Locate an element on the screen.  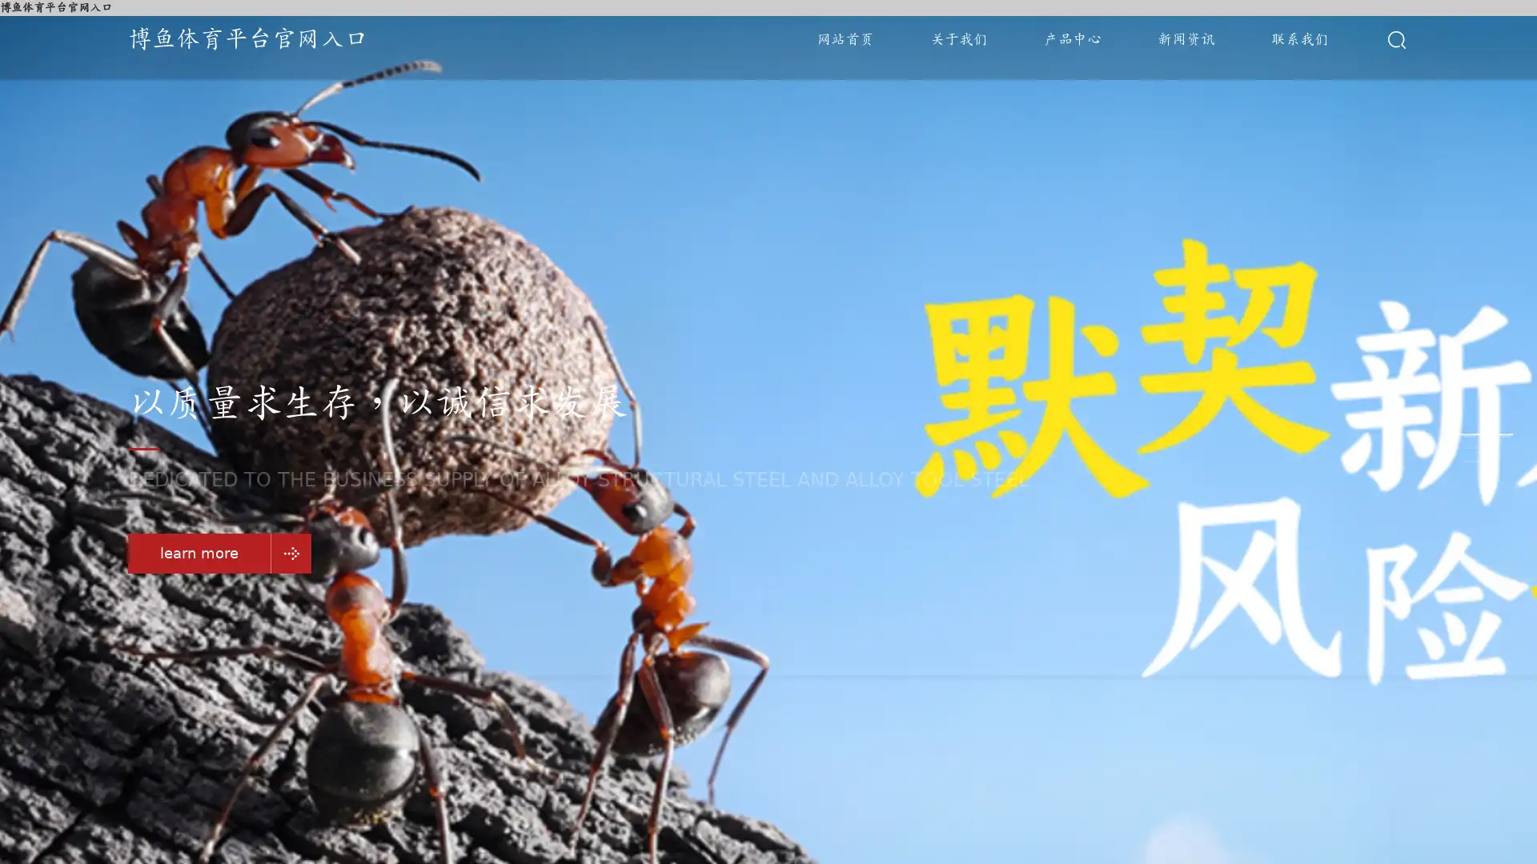
Go to slide 1 is located at coordinates (1479, 434).